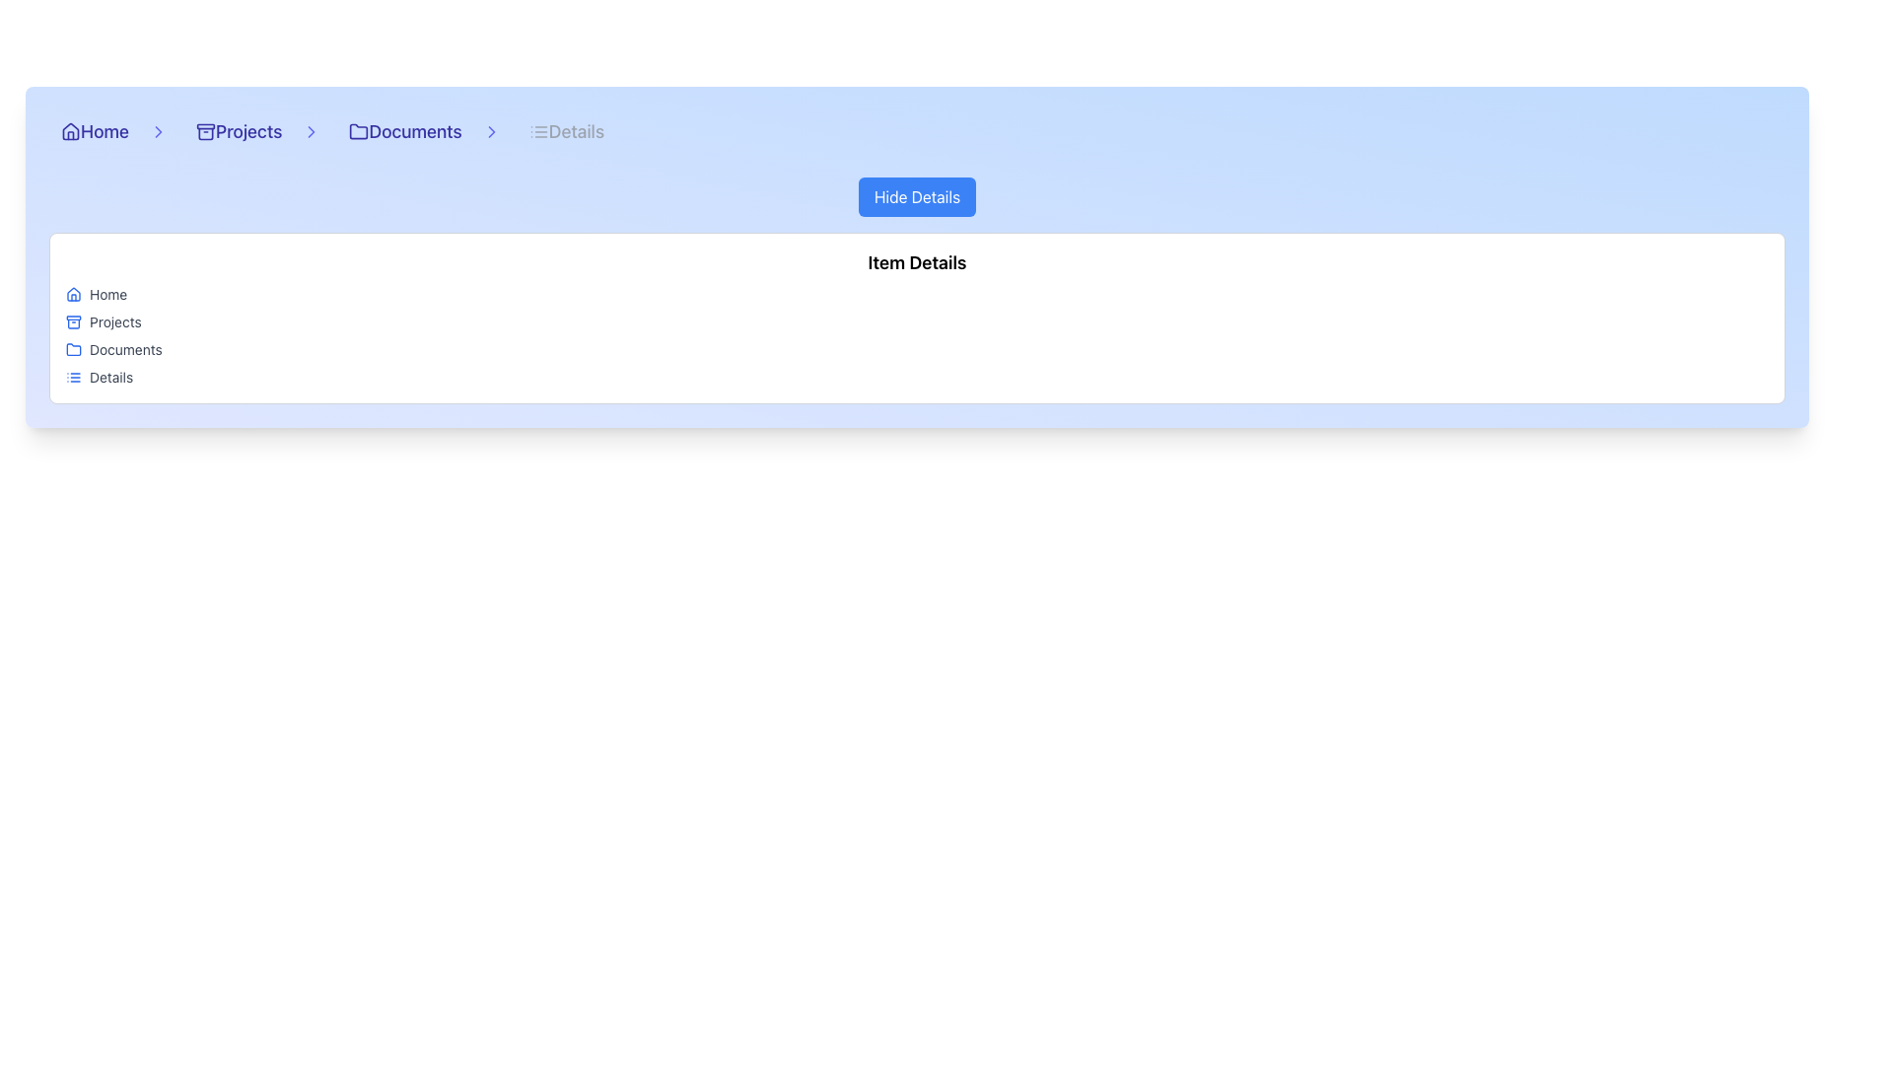 The width and height of the screenshot is (1893, 1065). What do you see at coordinates (251, 132) in the screenshot?
I see `the Breadcrumb Navigation Link` at bounding box center [251, 132].